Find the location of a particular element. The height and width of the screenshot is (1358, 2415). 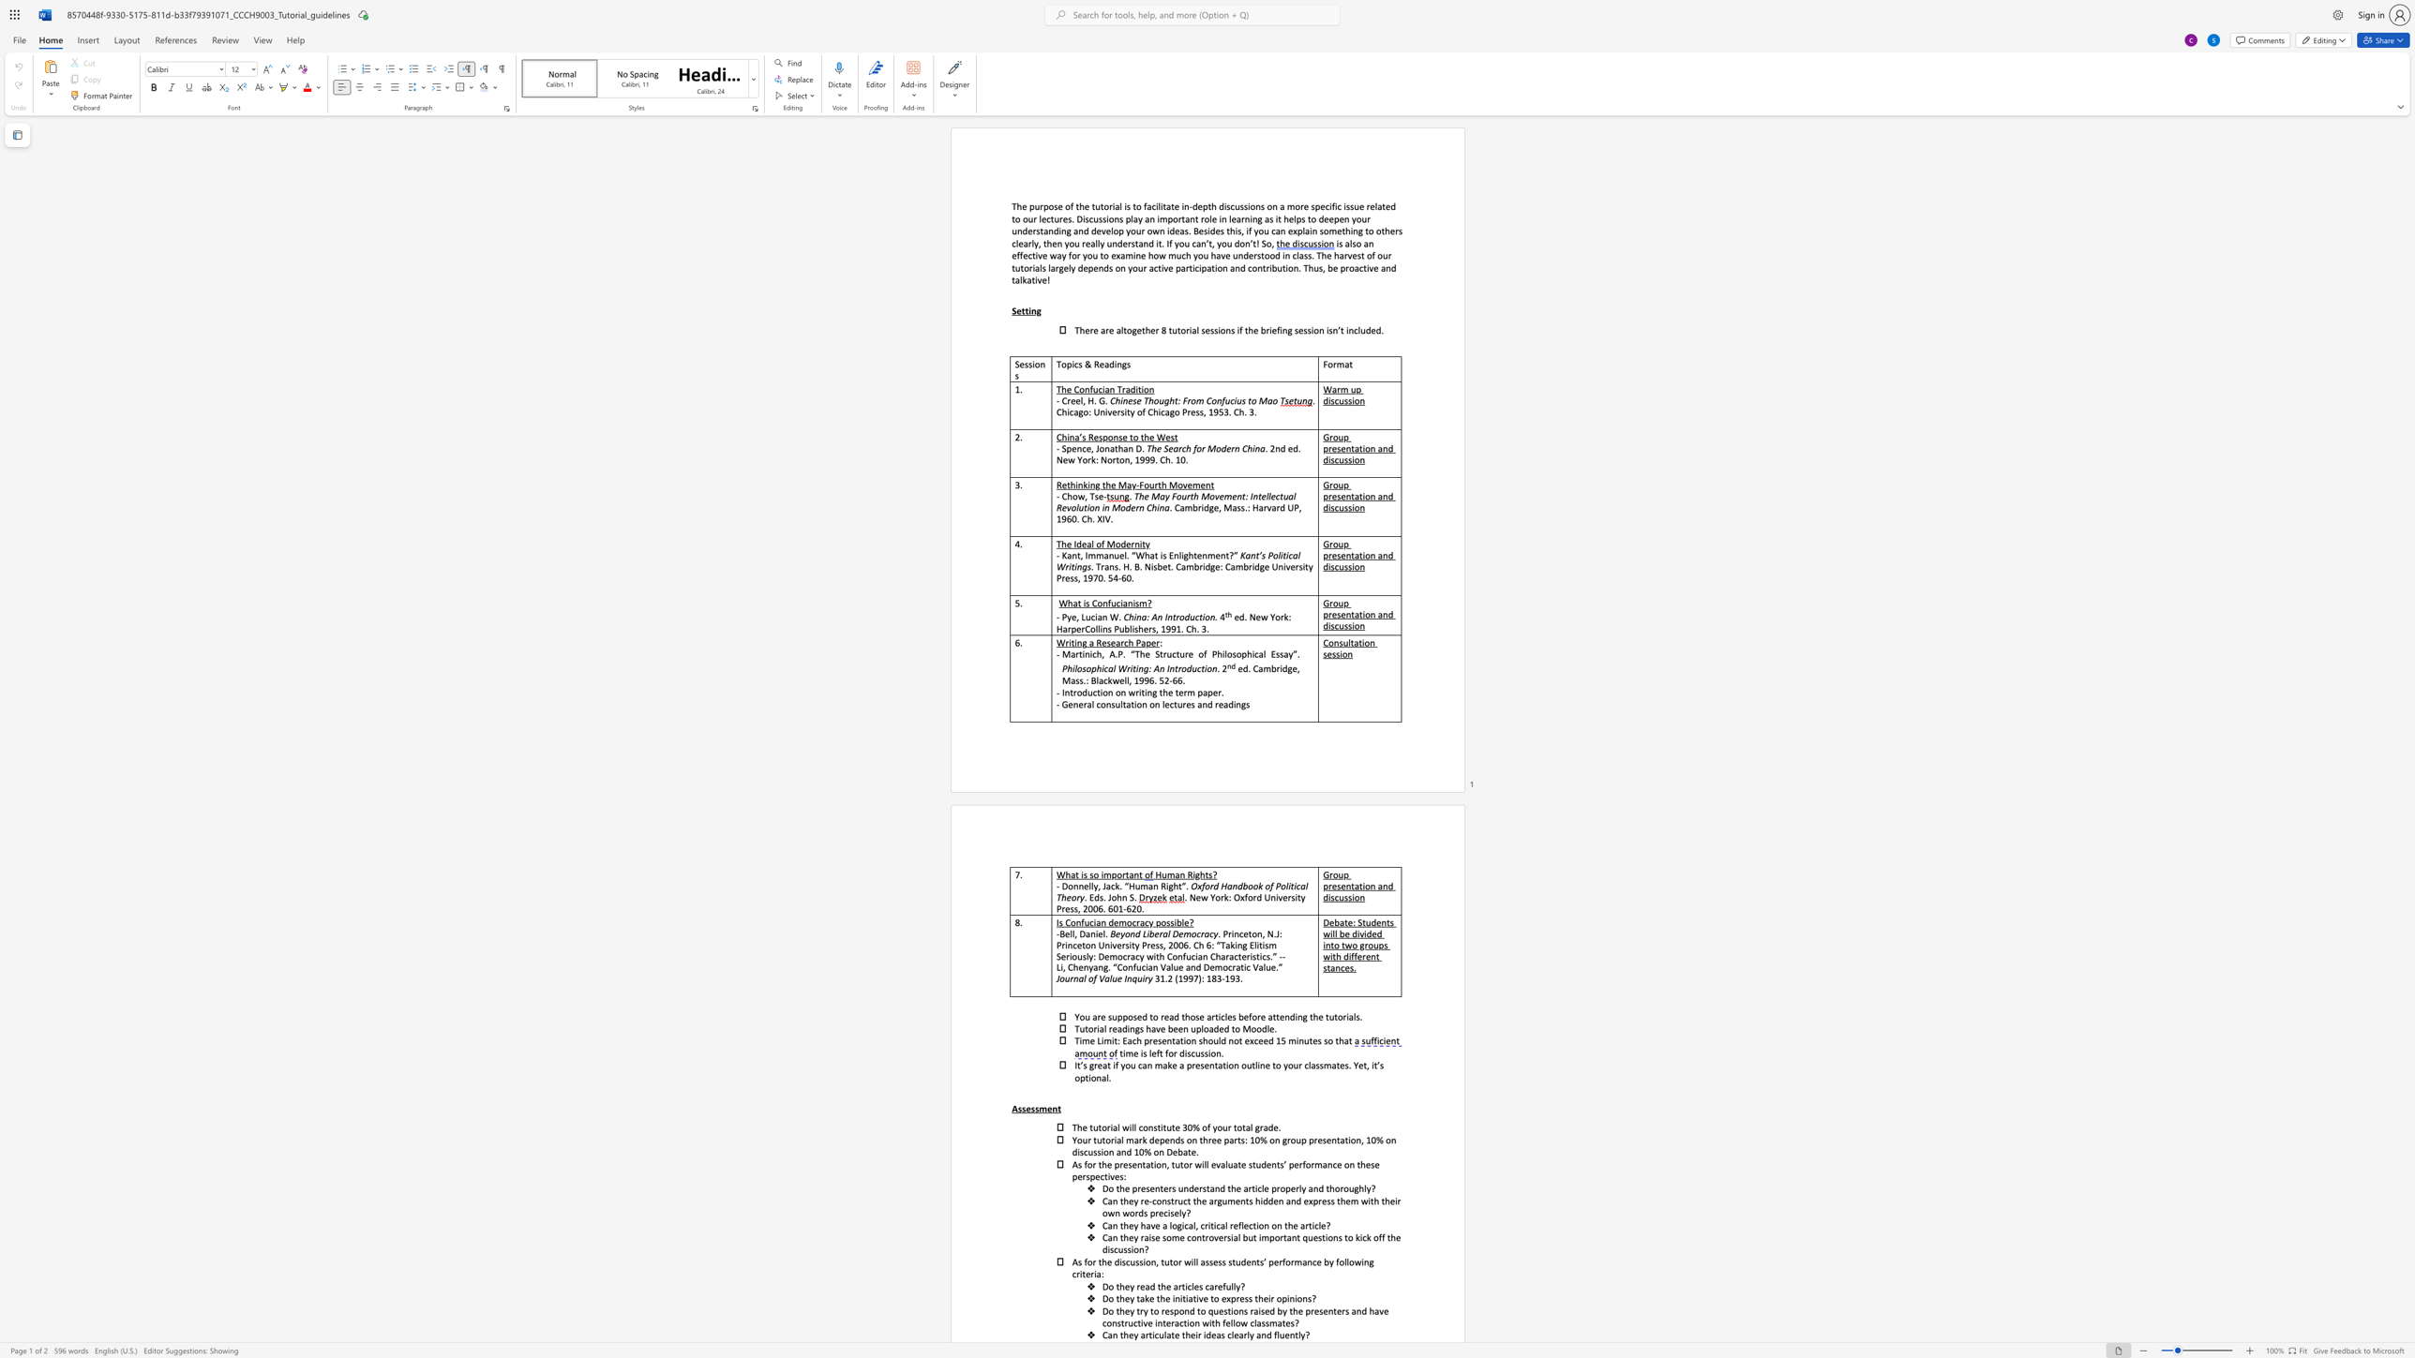

the subset text "Wh" within the text "What is so important" is located at coordinates (1057, 874).